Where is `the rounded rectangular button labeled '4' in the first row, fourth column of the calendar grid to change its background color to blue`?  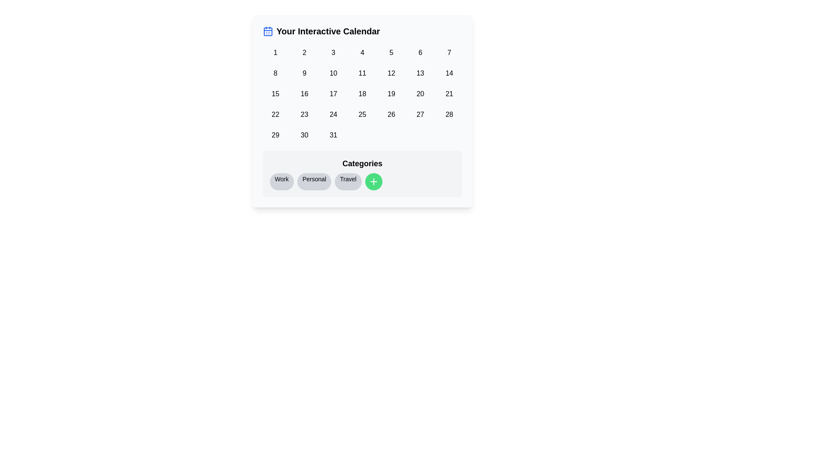
the rounded rectangular button labeled '4' in the first row, fourth column of the calendar grid to change its background color to blue is located at coordinates (362, 53).